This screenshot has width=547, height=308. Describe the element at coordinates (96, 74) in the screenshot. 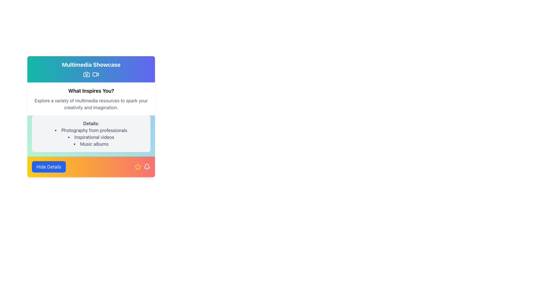

I see `the video icon button located under the 'Multimedia Showcase' heading` at that location.